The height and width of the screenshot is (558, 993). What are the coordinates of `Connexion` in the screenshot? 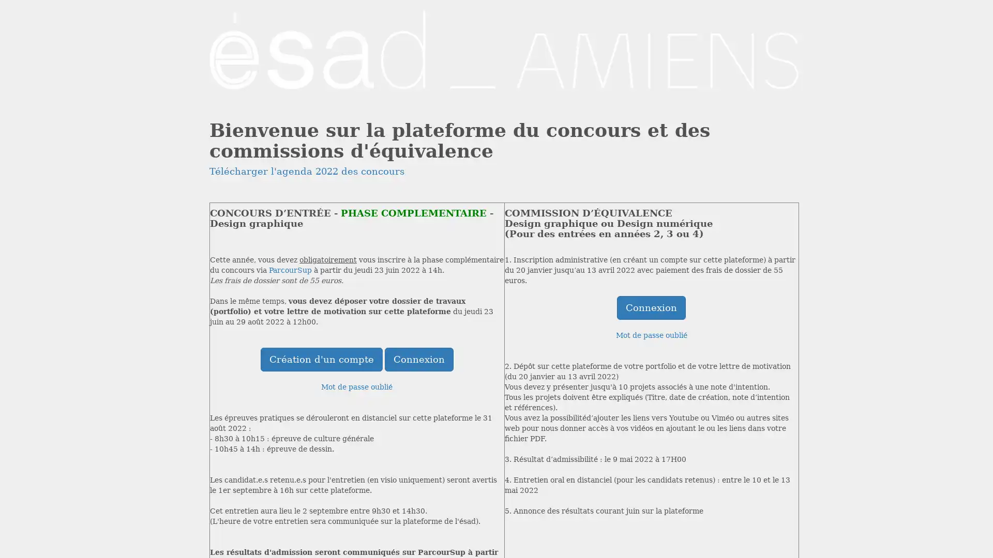 It's located at (418, 358).